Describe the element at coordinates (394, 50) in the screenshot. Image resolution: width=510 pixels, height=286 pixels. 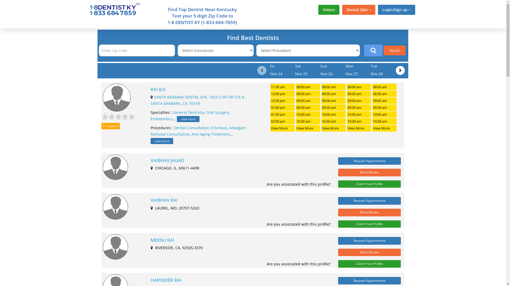
I see `'Reset'` at that location.